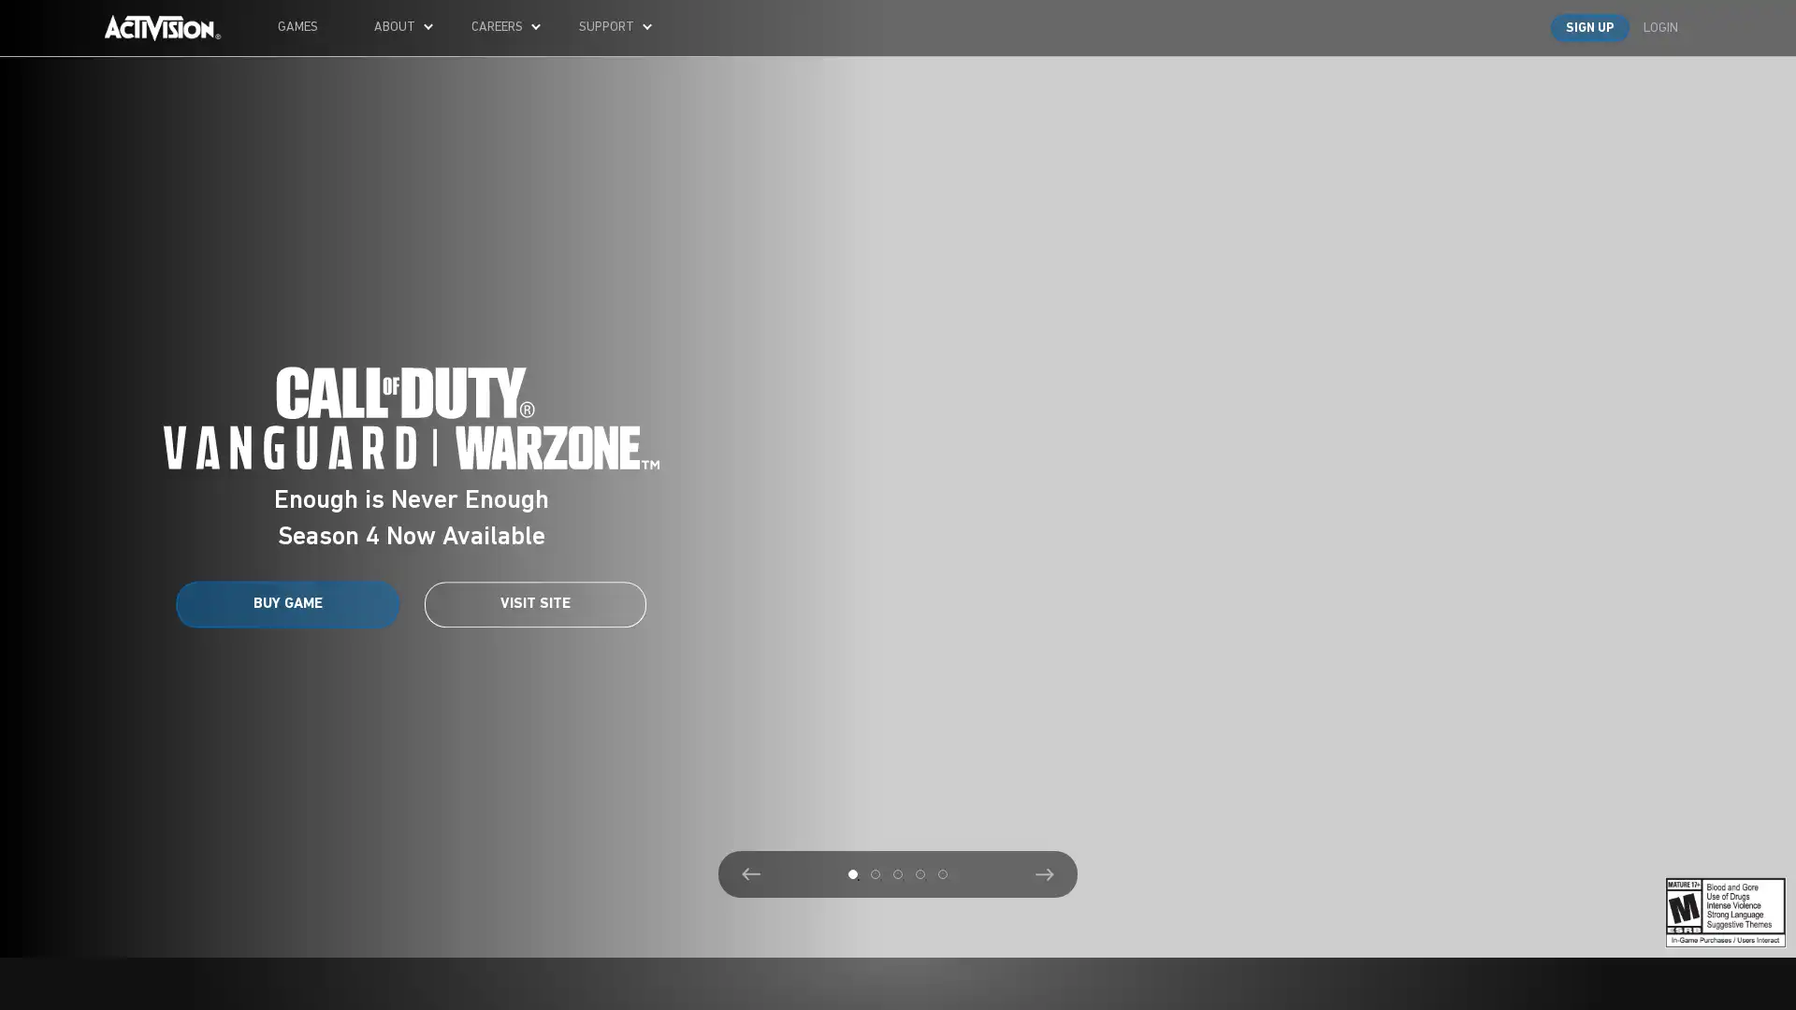 The height and width of the screenshot is (1010, 1796). Describe the element at coordinates (920, 873) in the screenshot. I see `4` at that location.